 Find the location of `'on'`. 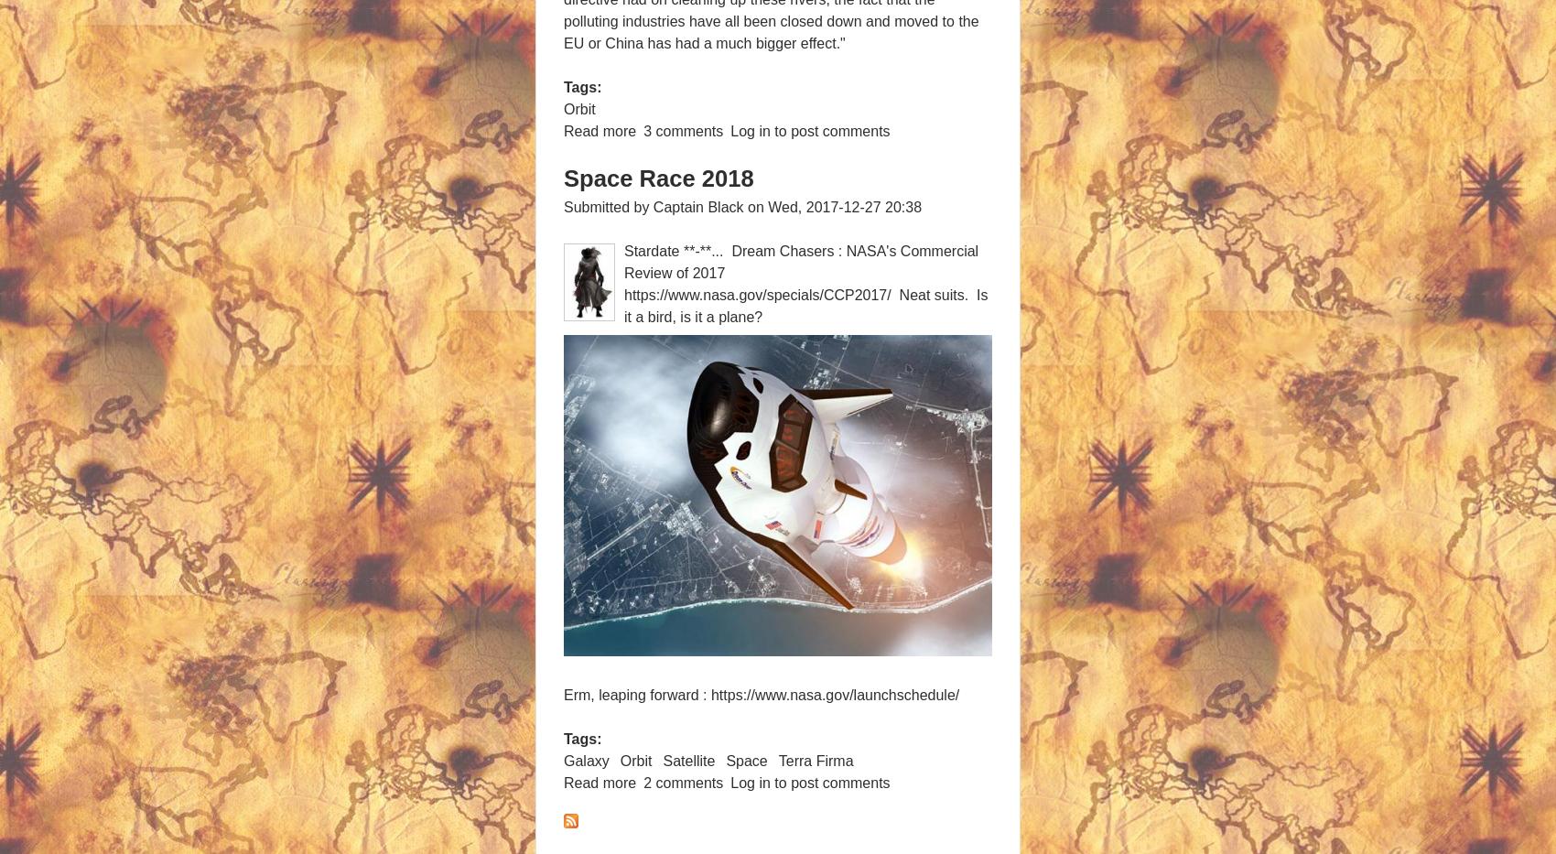

'on' is located at coordinates (754, 205).